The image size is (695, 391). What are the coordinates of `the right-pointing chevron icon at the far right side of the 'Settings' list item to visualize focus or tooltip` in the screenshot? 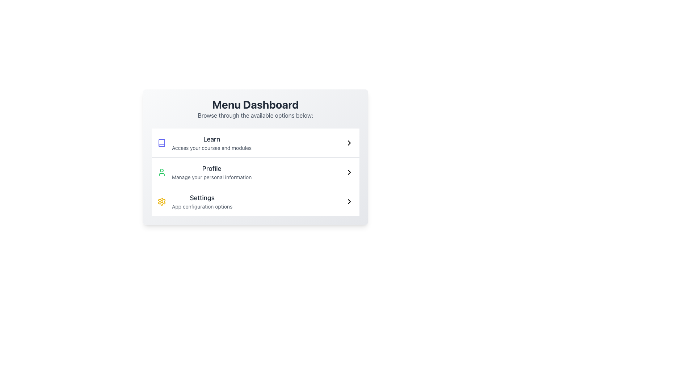 It's located at (349, 201).